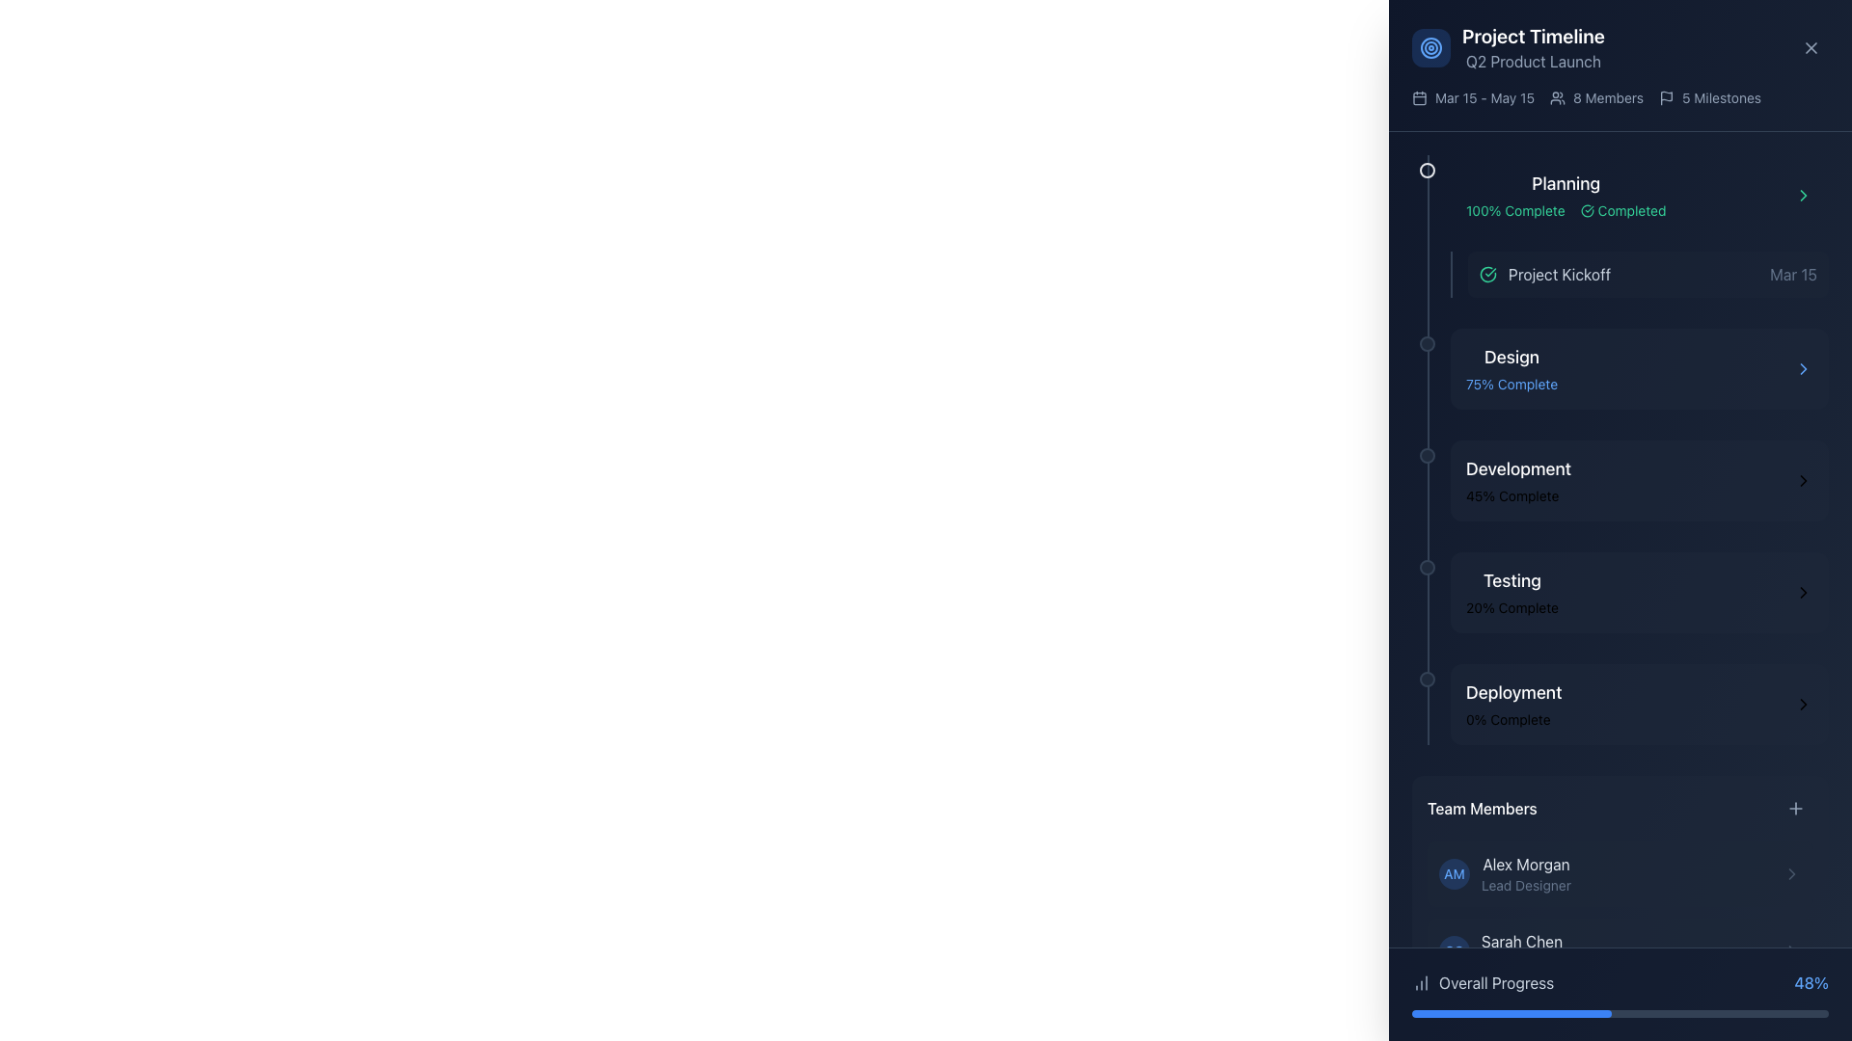 The height and width of the screenshot is (1041, 1852). I want to click on the Indicator element representing the completion status of a task, located below the title 'Planning' and to the right of '100% Complete', so click(1622, 211).